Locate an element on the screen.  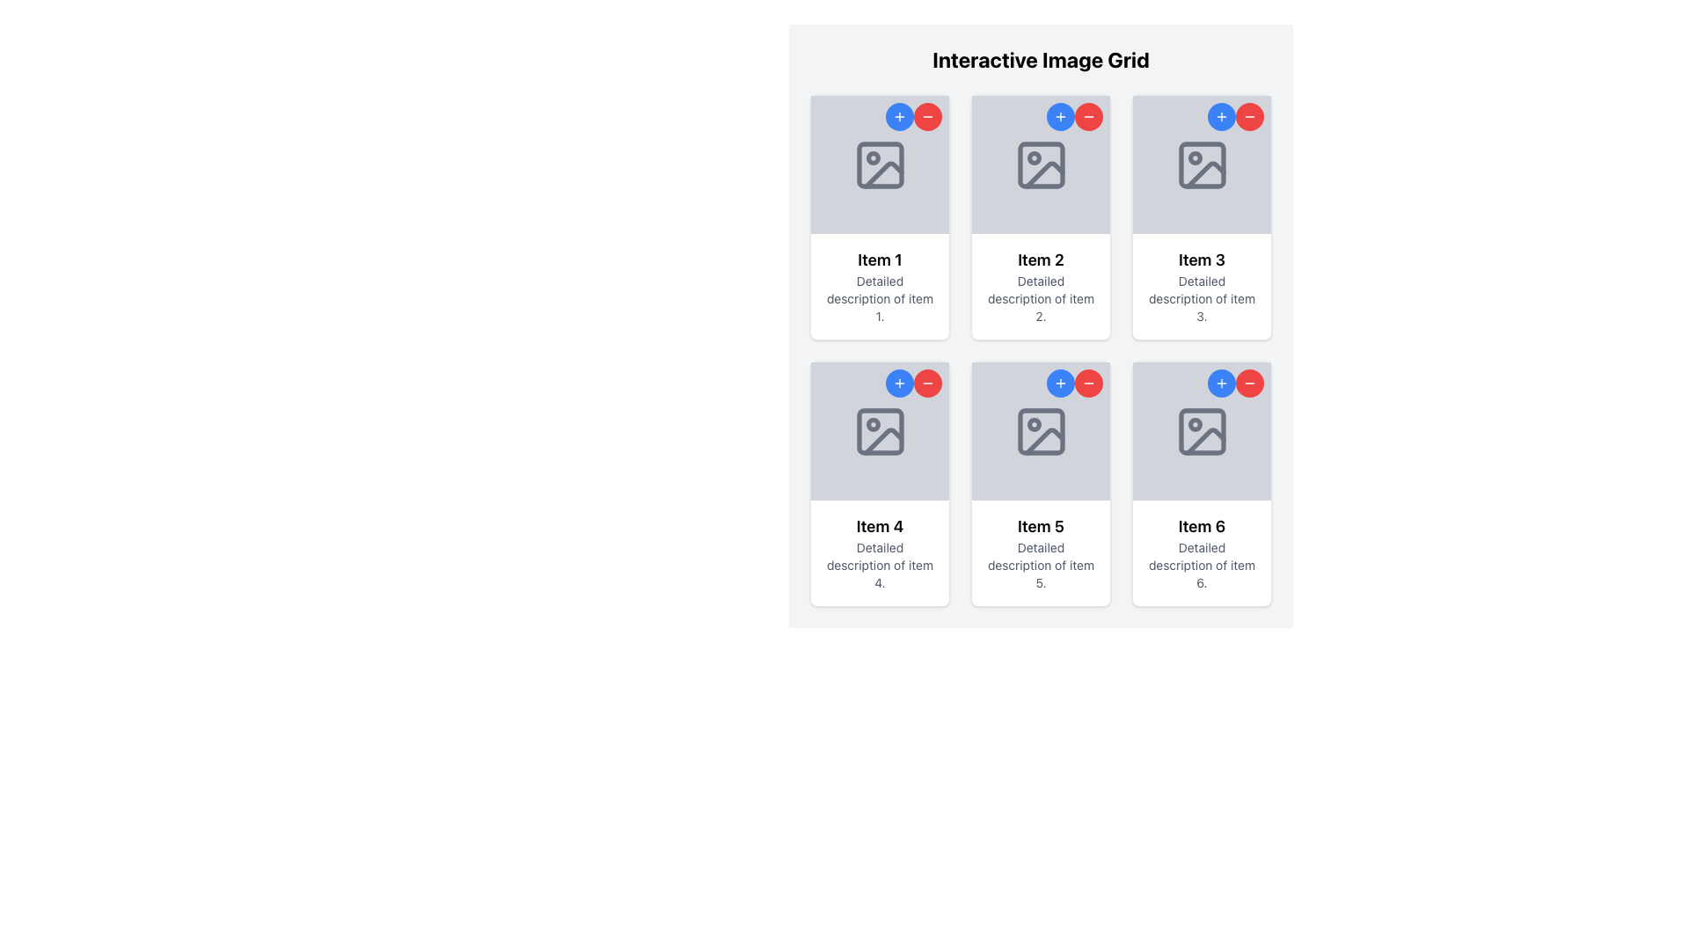
the first card is located at coordinates (879, 216).